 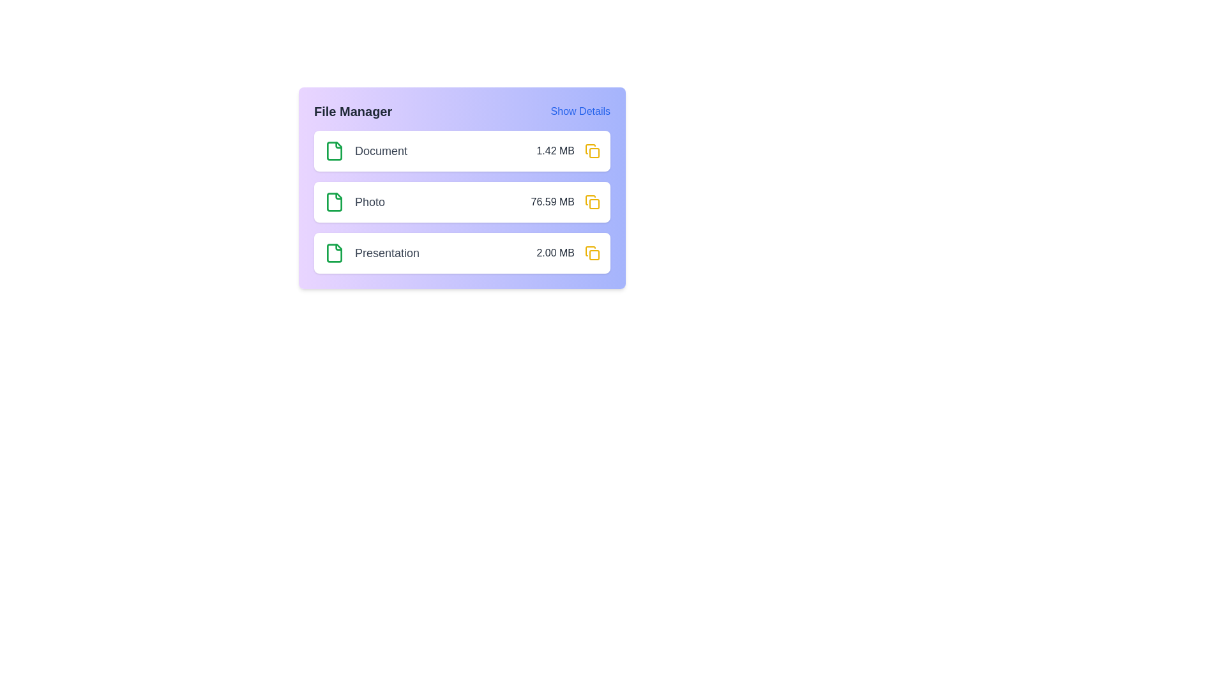 What do you see at coordinates (594, 255) in the screenshot?
I see `the icon component representing an action related to the 'Presentation' file, located within the third list item aligned to the right of the '2.00 MB' text` at bounding box center [594, 255].